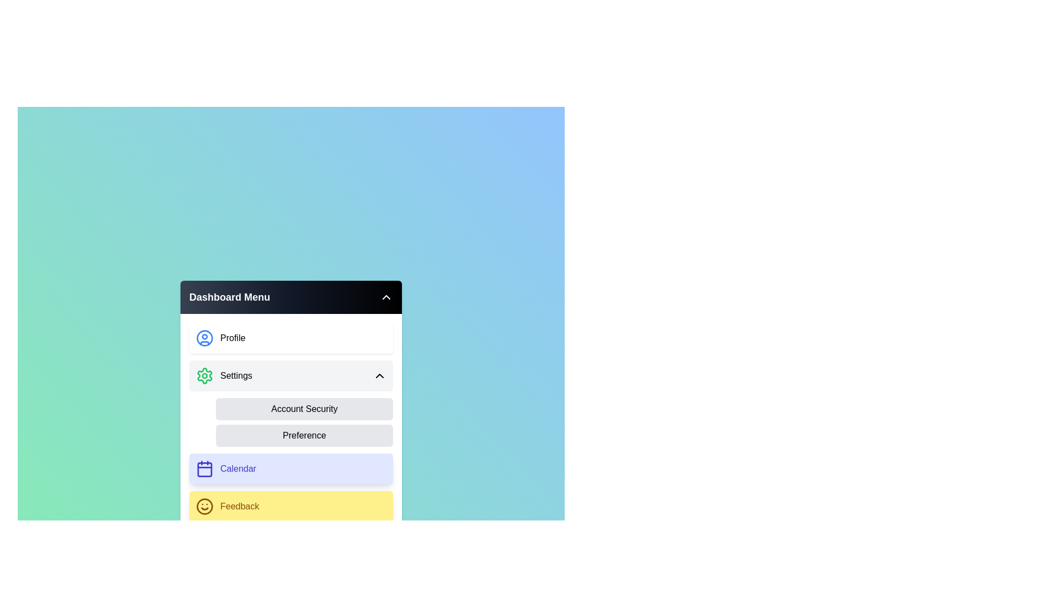 Image resolution: width=1063 pixels, height=598 pixels. Describe the element at coordinates (386, 296) in the screenshot. I see `the Dropdown Indicator located at the top right corner of the 'Dashboard Menu' header bar` at that location.